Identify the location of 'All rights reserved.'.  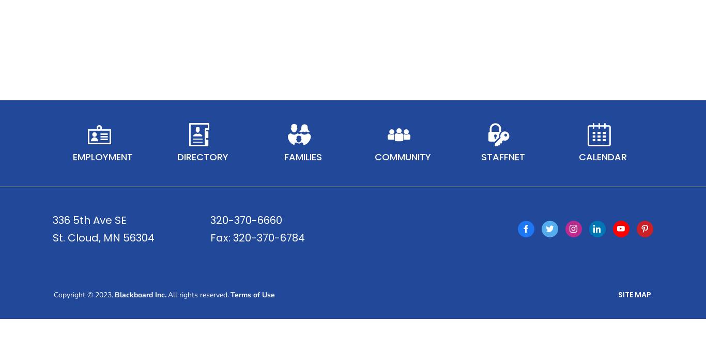
(167, 309).